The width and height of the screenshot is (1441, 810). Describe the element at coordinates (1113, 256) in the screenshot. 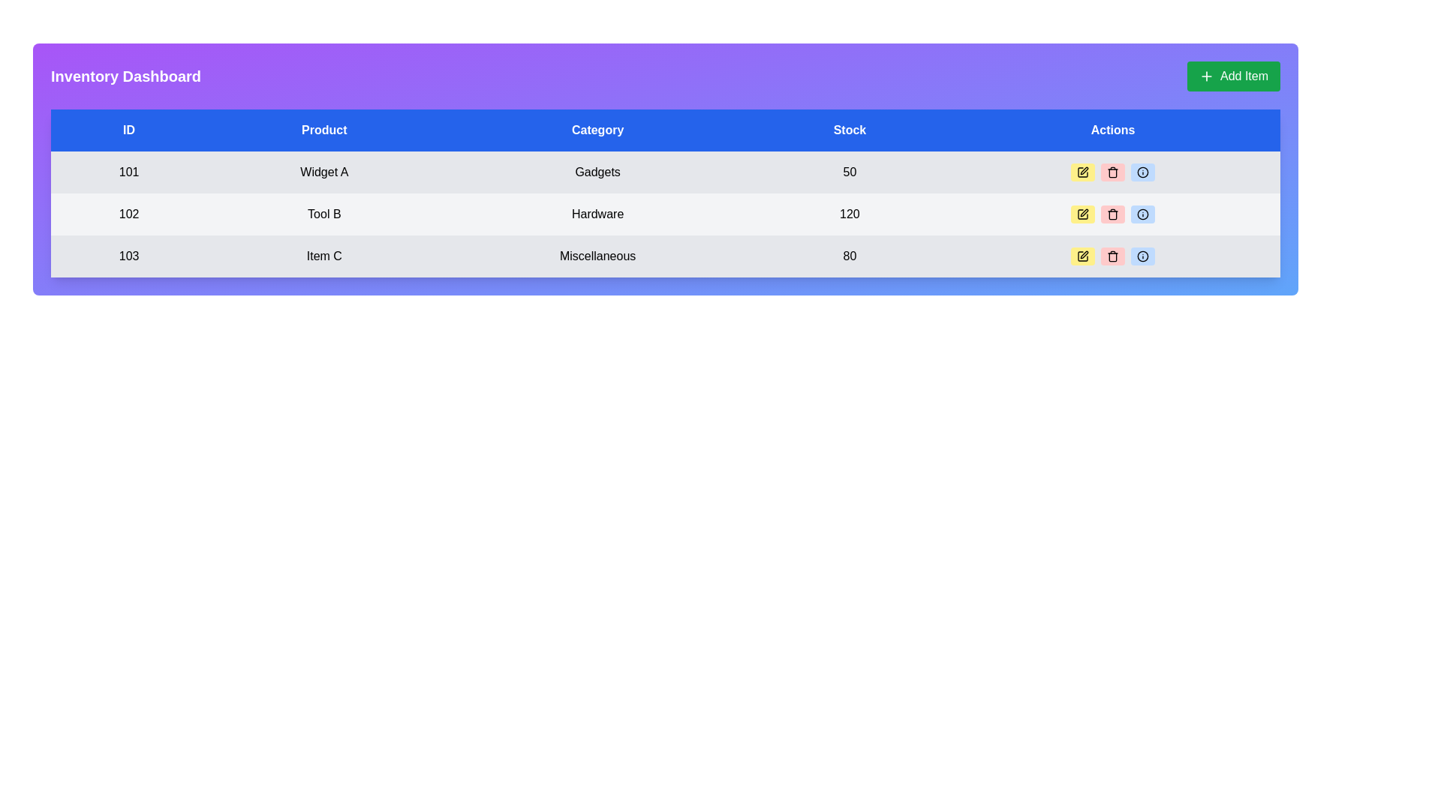

I see `the body of the trash icon located in the 'Actions' column of the data table to enable the delete action` at that location.